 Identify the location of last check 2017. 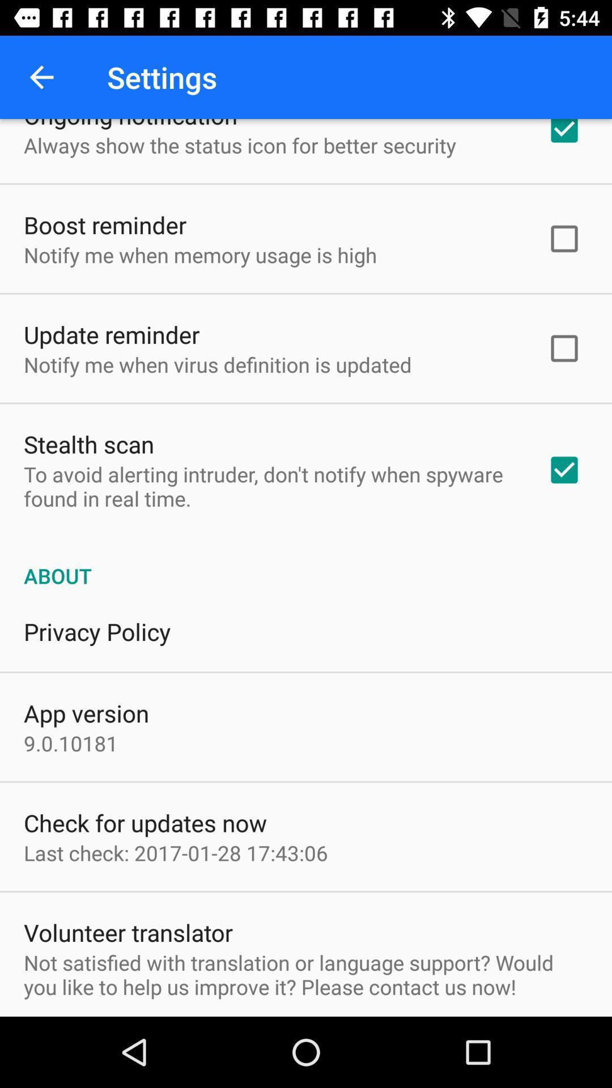
(176, 853).